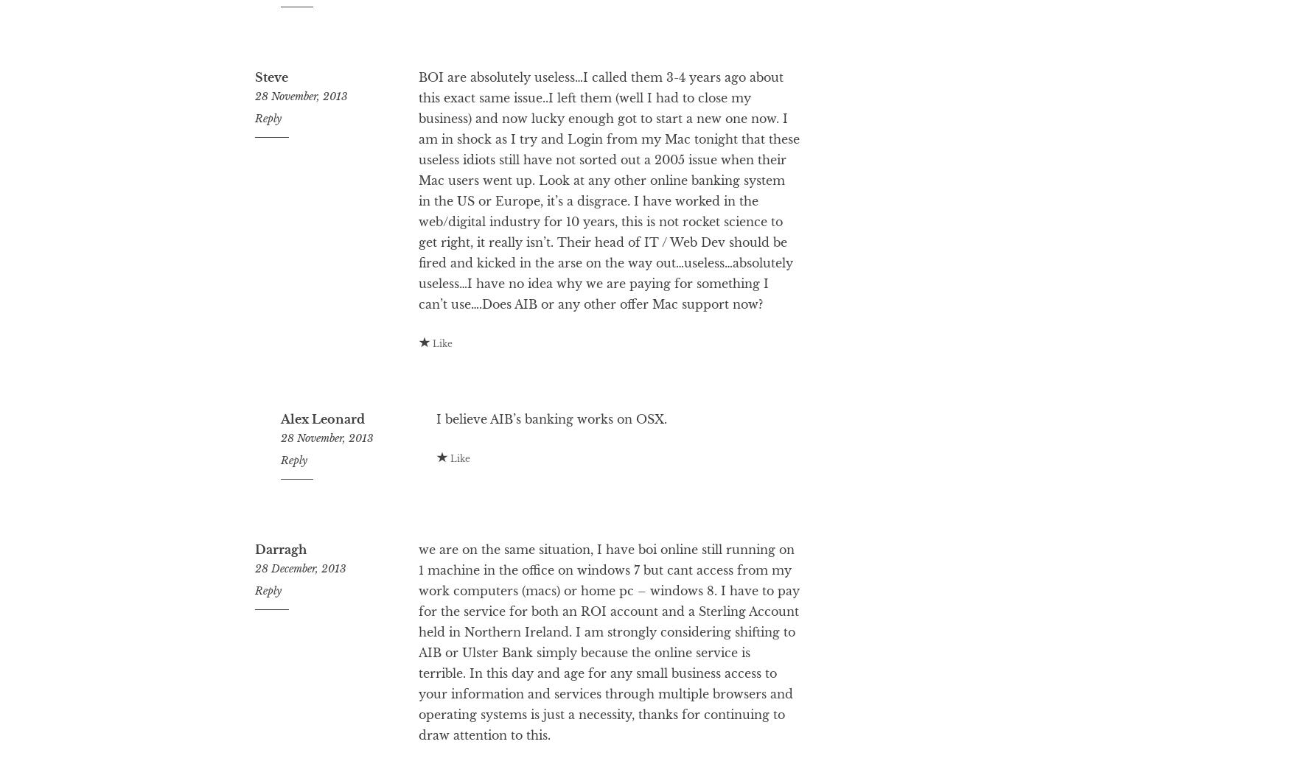 The width and height of the screenshot is (1312, 764). What do you see at coordinates (271, 136) in the screenshot?
I see `'Steve'` at bounding box center [271, 136].